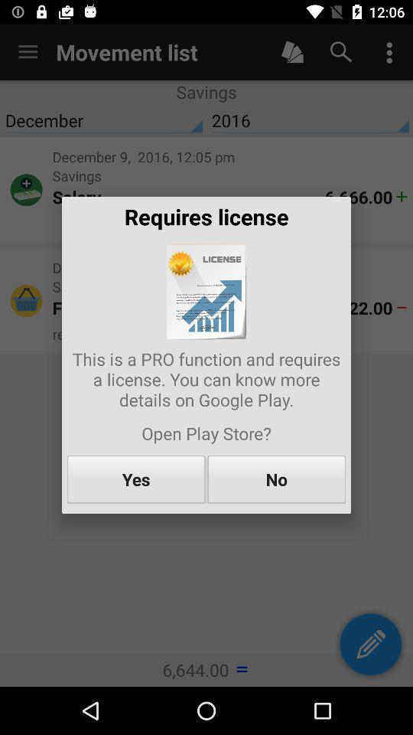 The height and width of the screenshot is (735, 413). What do you see at coordinates (275, 479) in the screenshot?
I see `the item next to the yes item` at bounding box center [275, 479].